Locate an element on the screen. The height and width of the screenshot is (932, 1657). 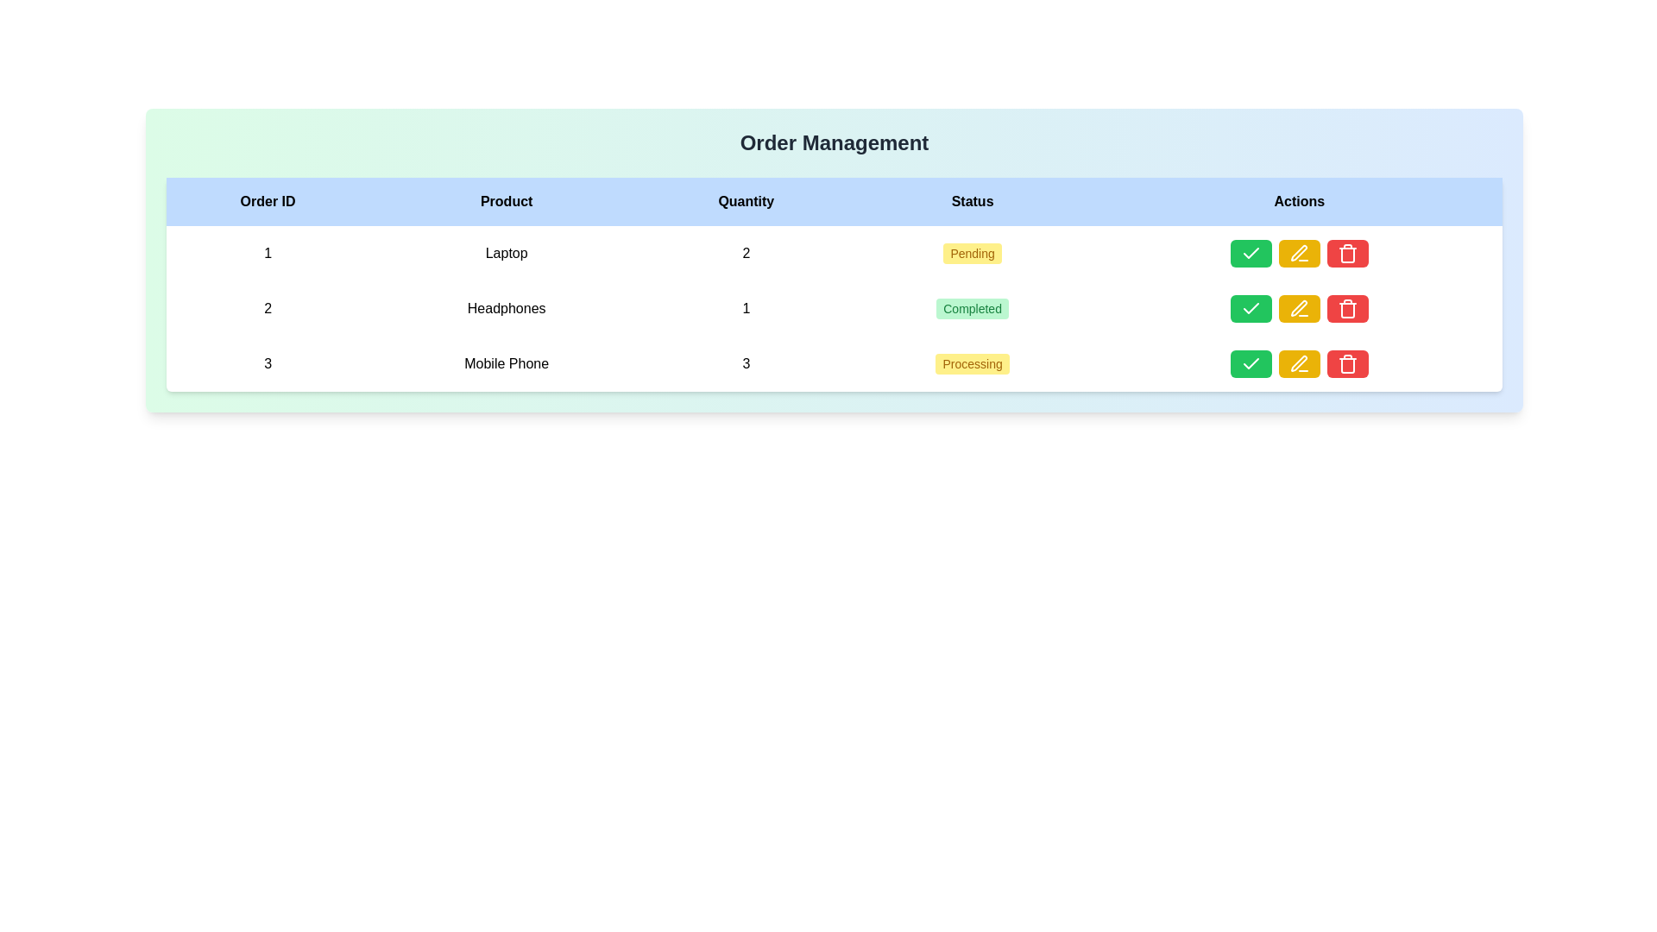
the displayed text of the completed status indicator tag located in the 'Status' column of the second row in the table is located at coordinates (973, 308).